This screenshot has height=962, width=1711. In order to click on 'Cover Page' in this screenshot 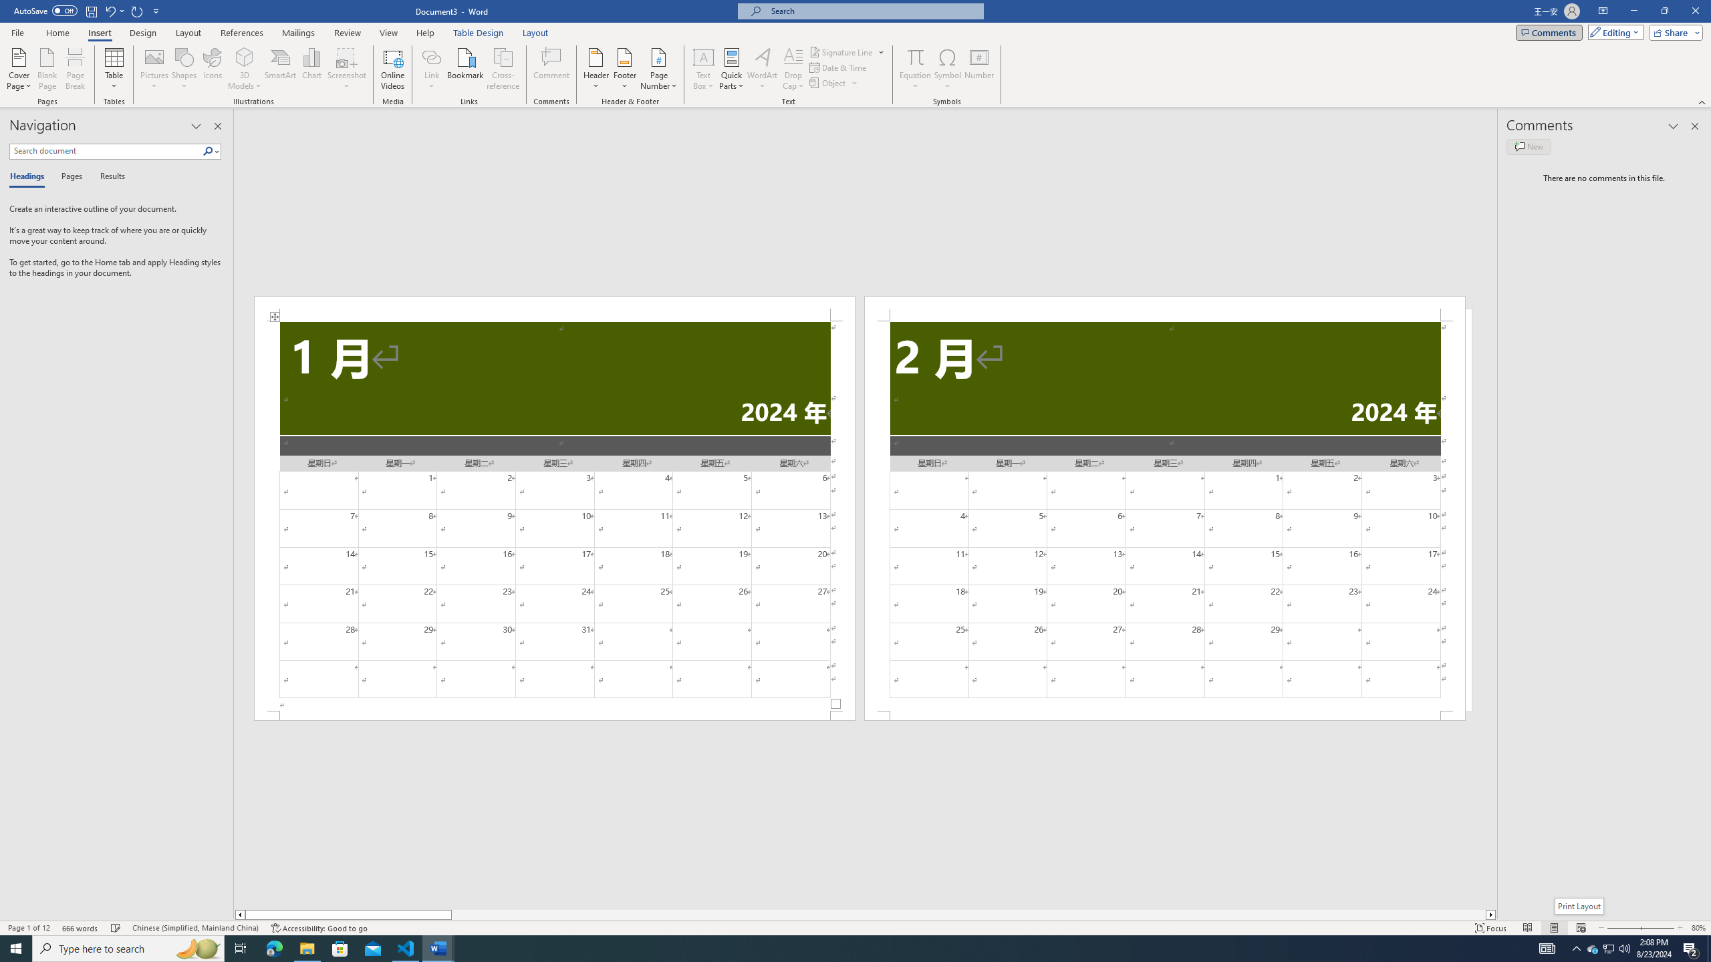, I will do `click(19, 69)`.